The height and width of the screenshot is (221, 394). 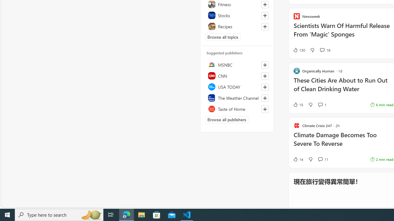 What do you see at coordinates (298, 159) in the screenshot?
I see `'14 Like'` at bounding box center [298, 159].